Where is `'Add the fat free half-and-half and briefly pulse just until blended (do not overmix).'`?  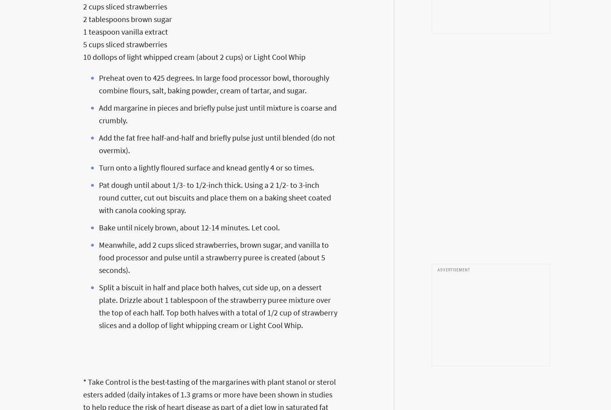 'Add the fat free half-and-half and briefly pulse just until blended (do not overmix).' is located at coordinates (217, 143).